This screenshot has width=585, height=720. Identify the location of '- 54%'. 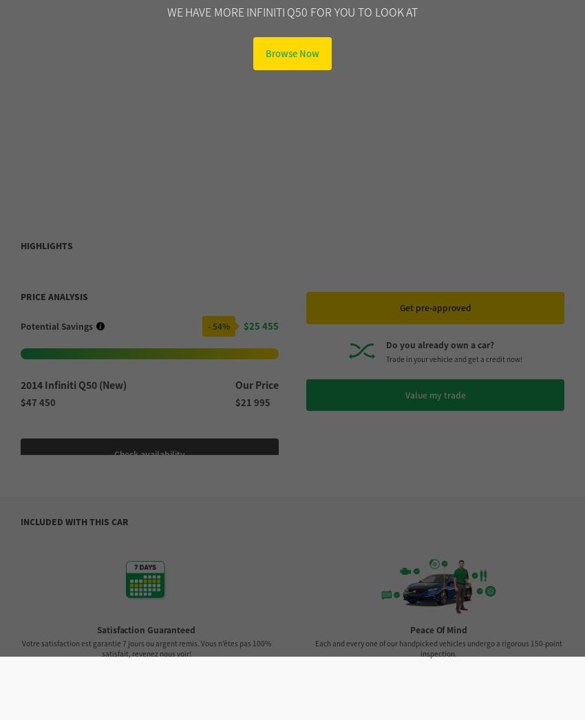
(218, 65).